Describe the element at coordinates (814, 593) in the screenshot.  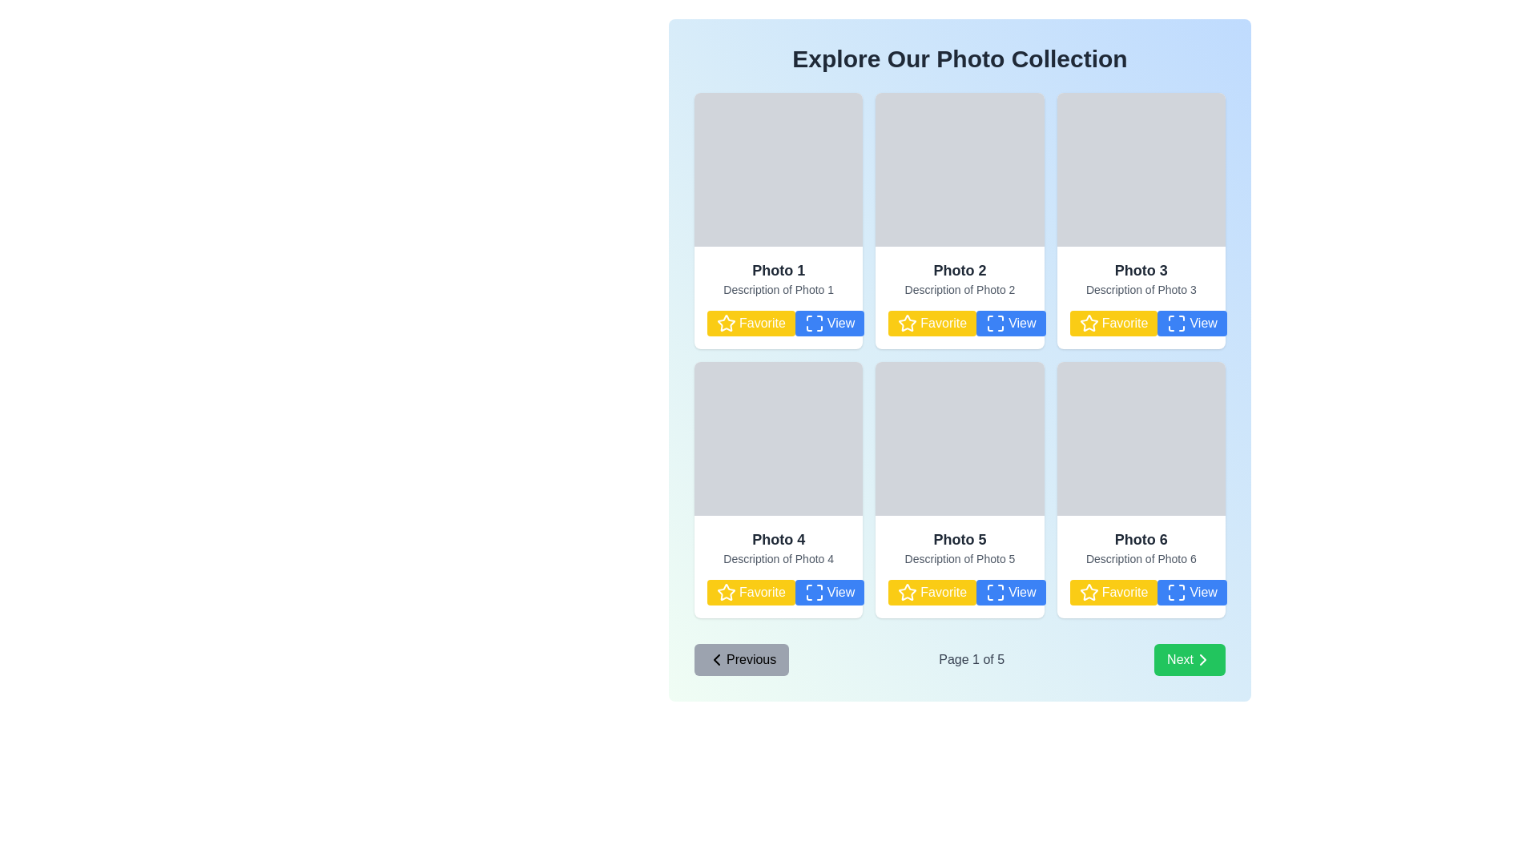
I see `the expansion icon located to the left of the 'View' label within the 'View' button below the 'Photo 4' card` at that location.